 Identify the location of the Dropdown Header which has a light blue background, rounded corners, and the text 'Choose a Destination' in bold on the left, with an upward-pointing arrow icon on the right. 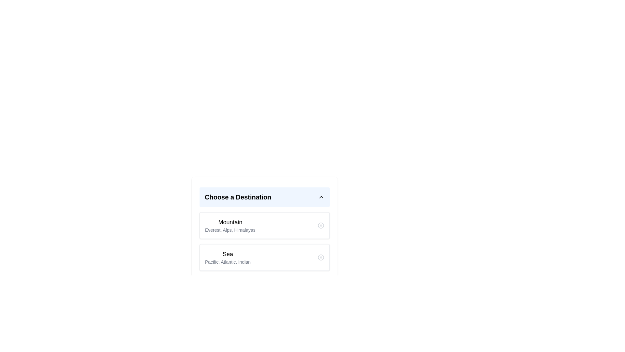
(264, 197).